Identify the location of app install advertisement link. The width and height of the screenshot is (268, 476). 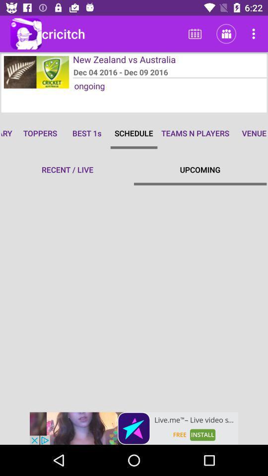
(134, 428).